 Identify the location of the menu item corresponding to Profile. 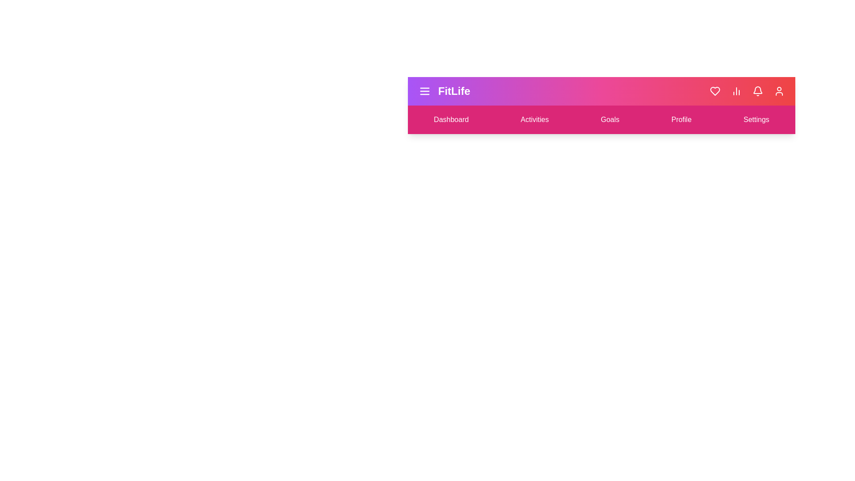
(681, 119).